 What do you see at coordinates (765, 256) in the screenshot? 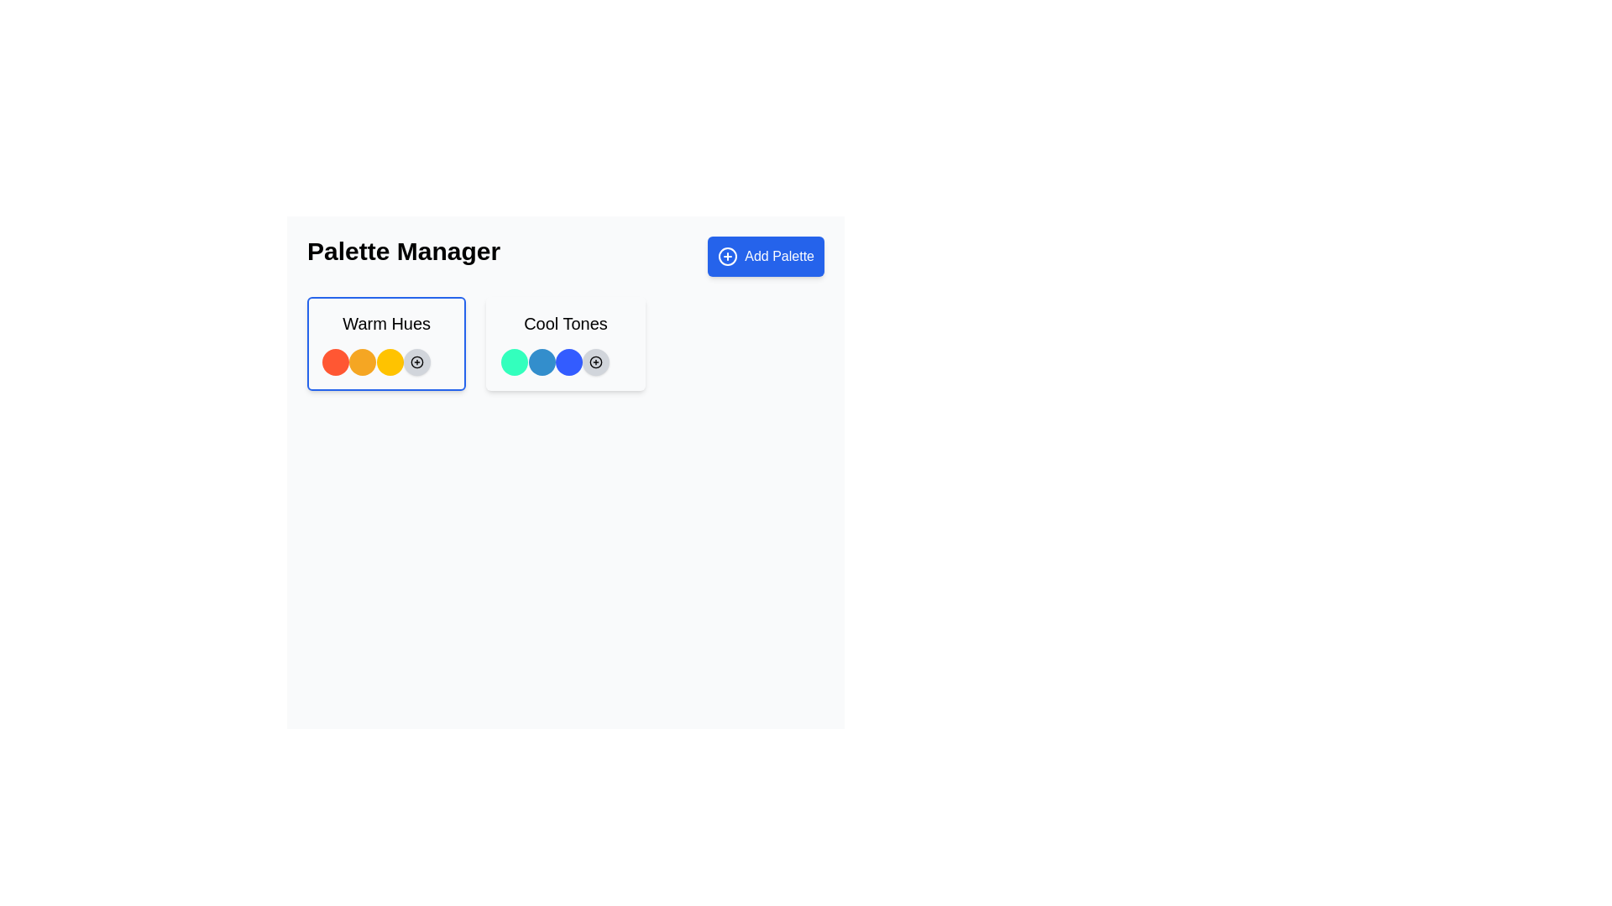
I see `the rectangular button with a blue background and white text saying 'Add Palette', located in the top right corner of the Palette Manager interface` at bounding box center [765, 256].